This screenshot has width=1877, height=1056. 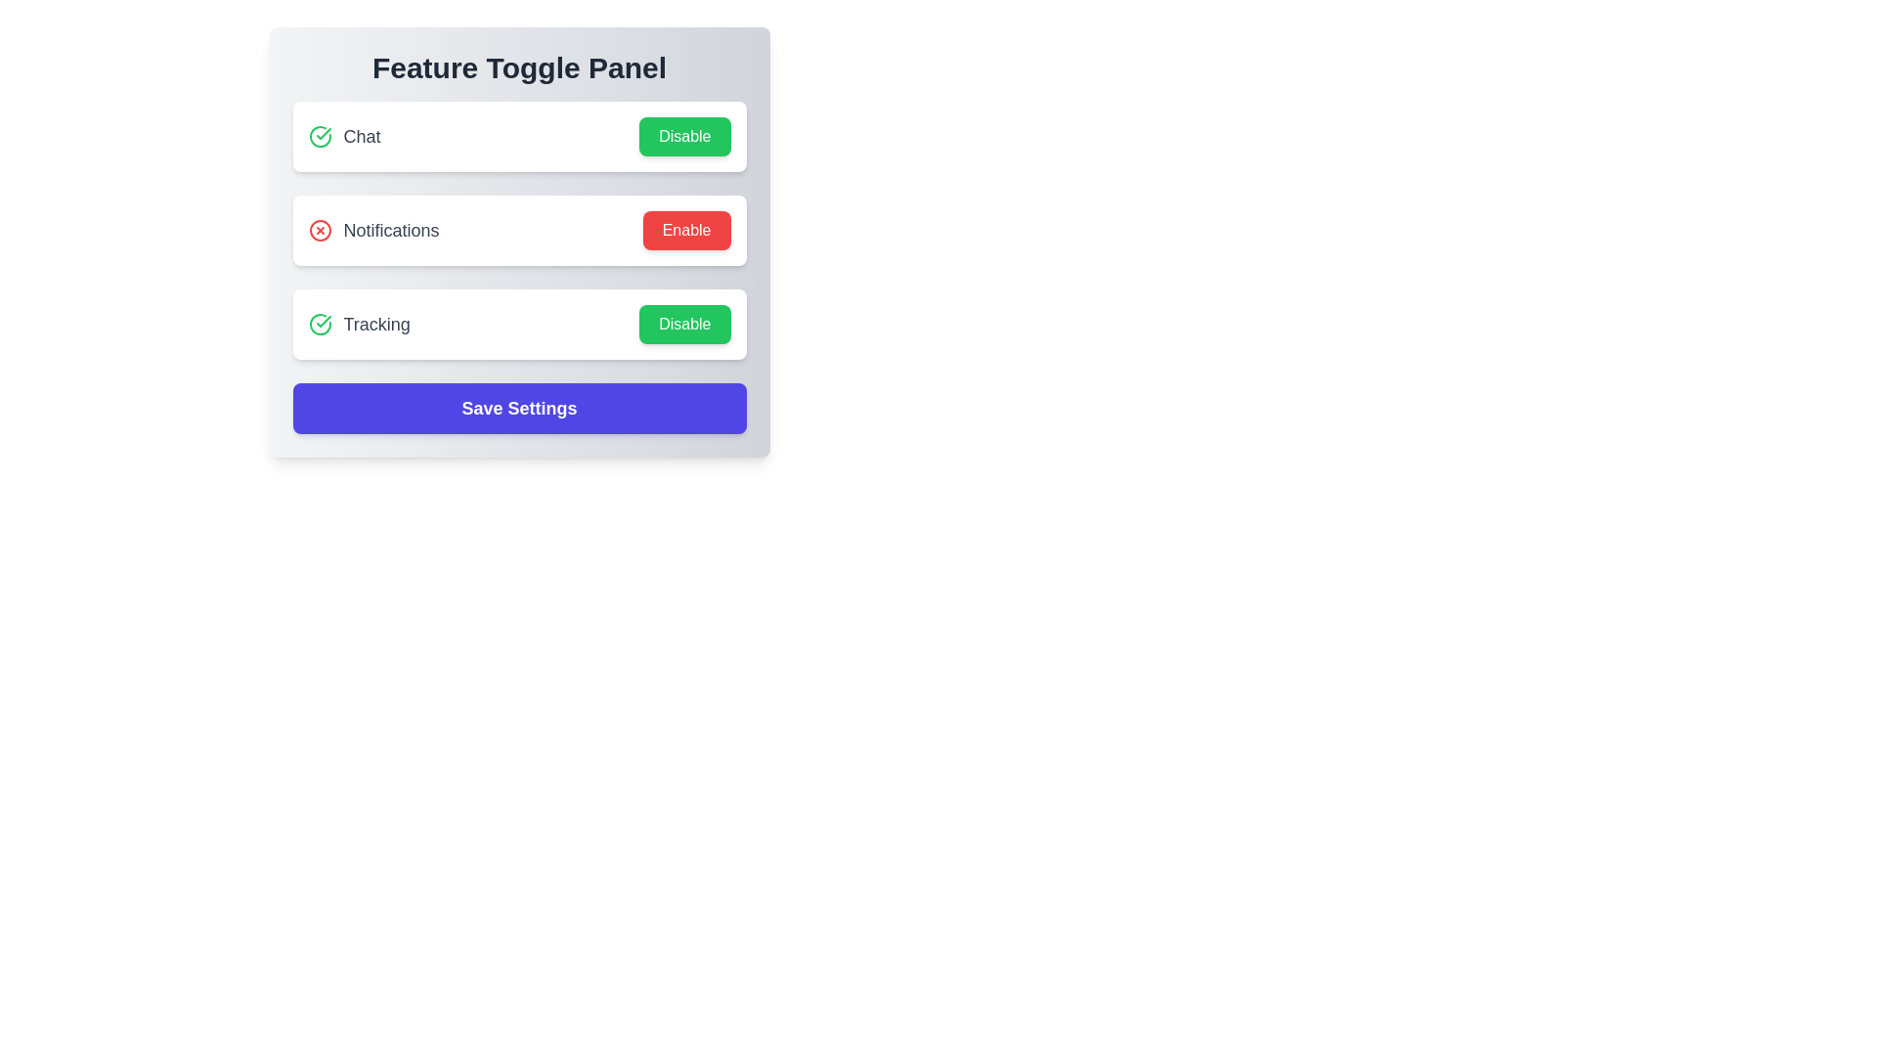 I want to click on the feature name chat by double-clicking on it, so click(x=344, y=135).